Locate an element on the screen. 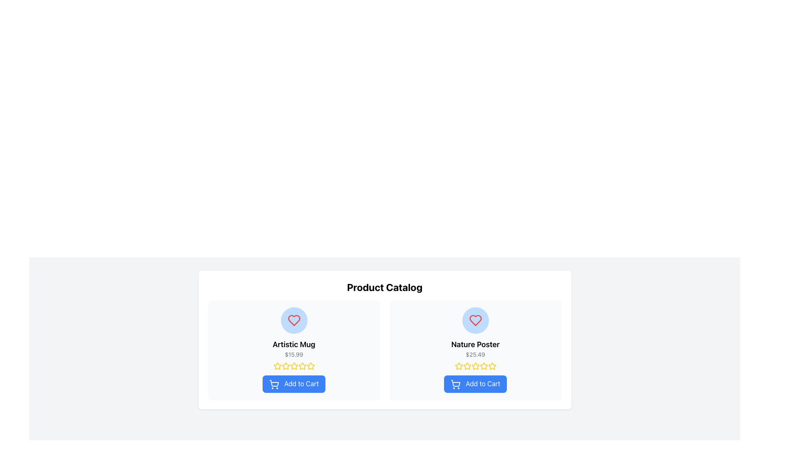 Image resolution: width=799 pixels, height=449 pixels. the Text Label that serves as a section header for the product catalog, located at the top of the content area, directly above the grid of product cards is located at coordinates (384, 286).